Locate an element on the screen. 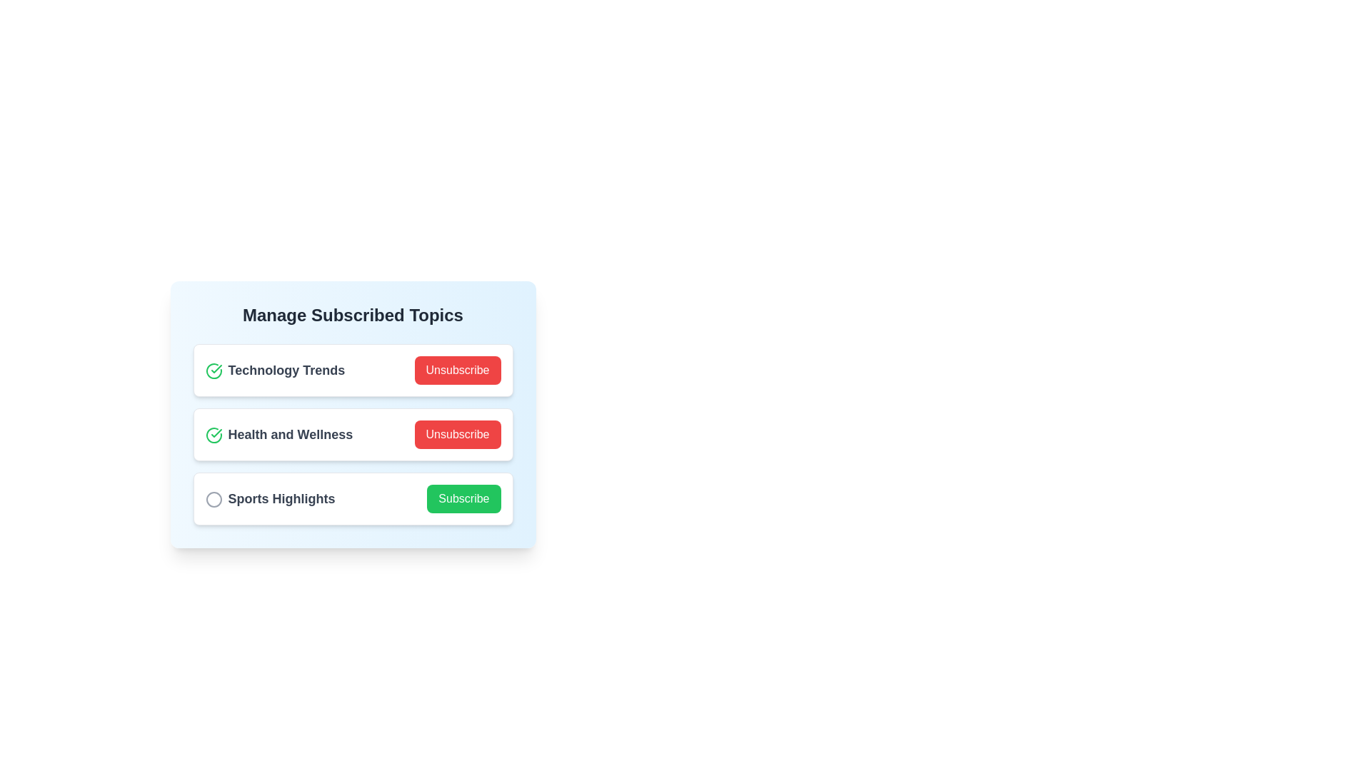 The image size is (1371, 771). the 'Subscribe' button for the 'Sports Highlights' topic is located at coordinates (463, 498).